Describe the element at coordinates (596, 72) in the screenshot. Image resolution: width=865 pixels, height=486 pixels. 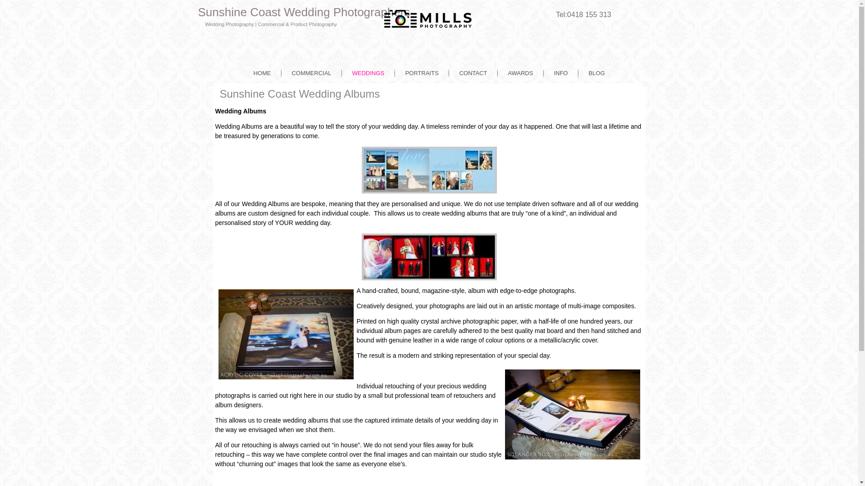
I see `'BLOG'` at that location.